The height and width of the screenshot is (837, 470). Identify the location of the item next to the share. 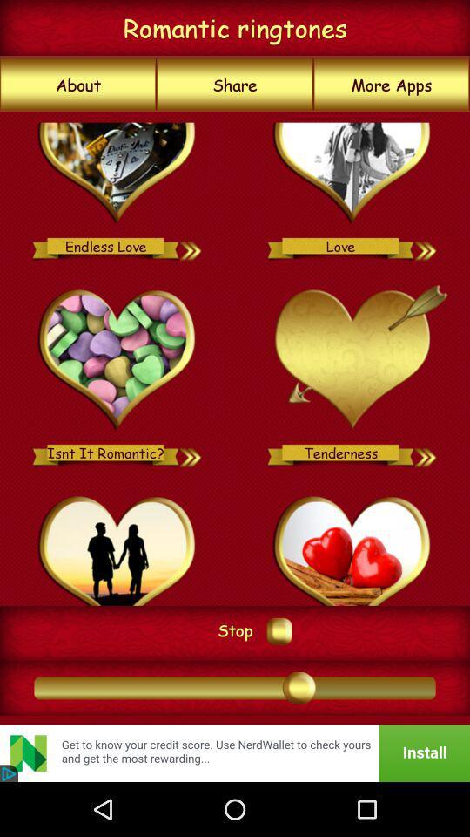
(392, 85).